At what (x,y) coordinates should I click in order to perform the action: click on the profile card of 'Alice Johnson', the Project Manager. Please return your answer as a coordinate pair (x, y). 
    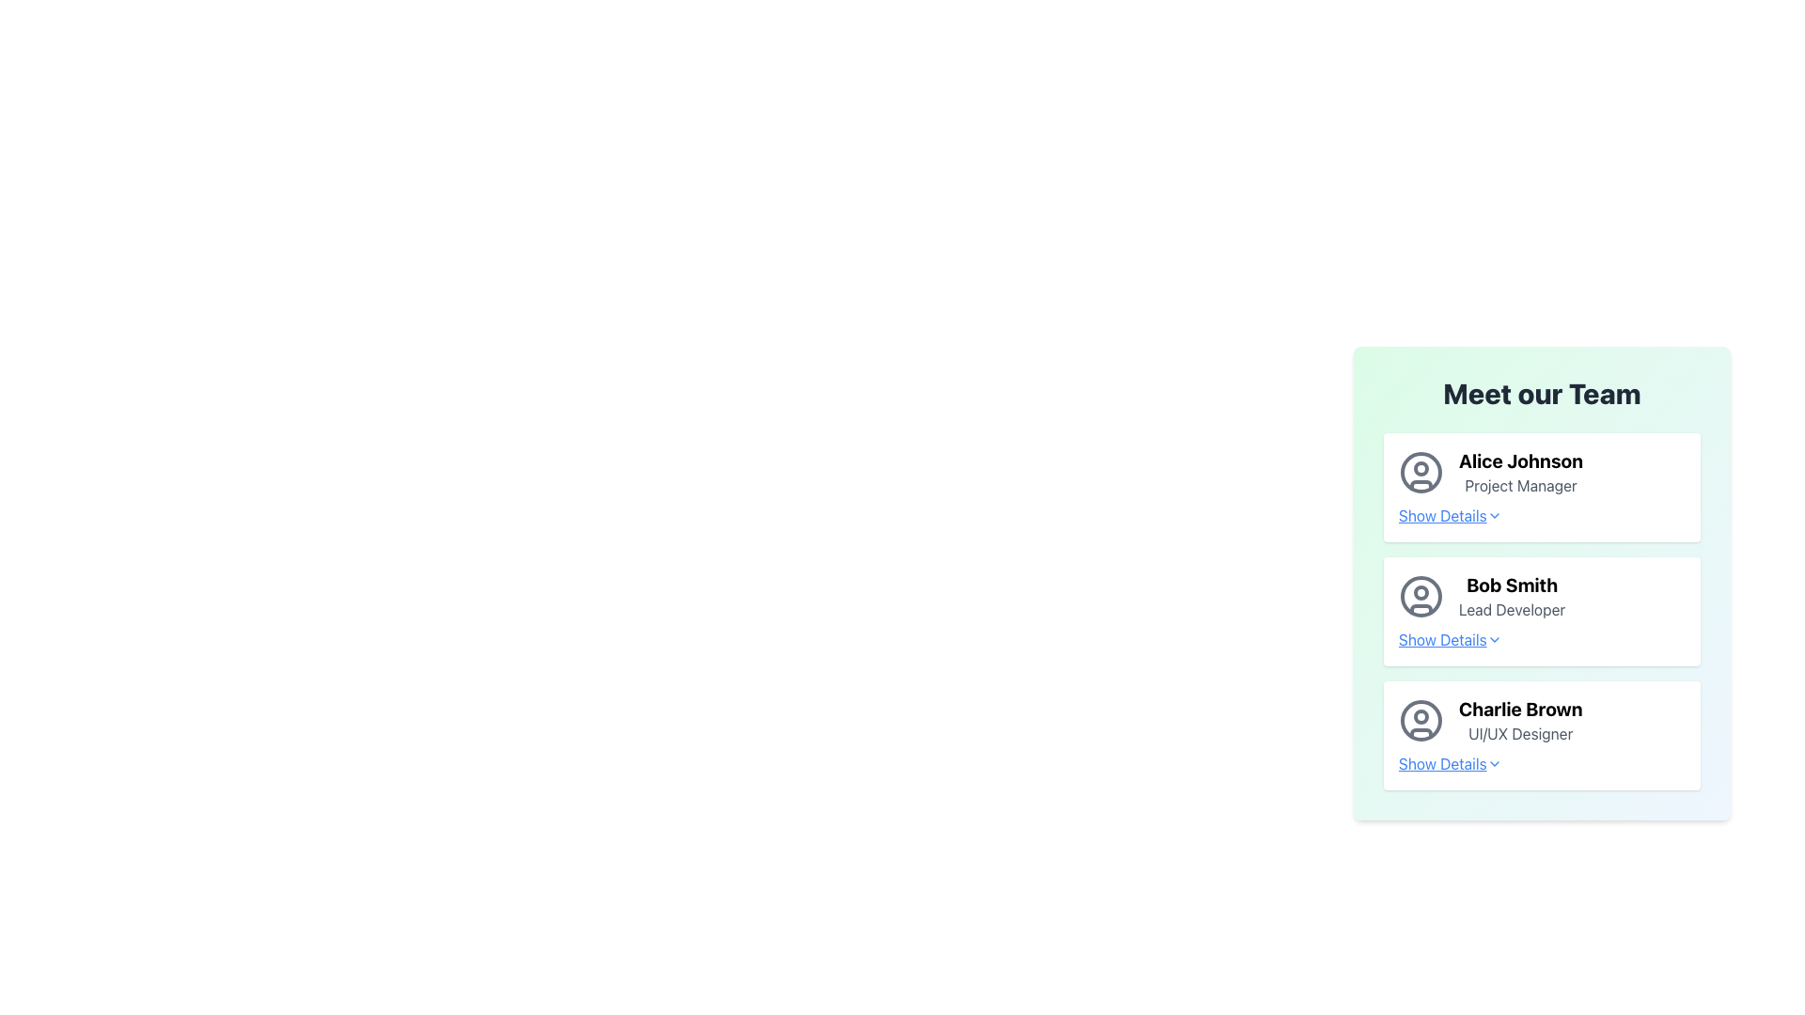
    Looking at the image, I should click on (1542, 471).